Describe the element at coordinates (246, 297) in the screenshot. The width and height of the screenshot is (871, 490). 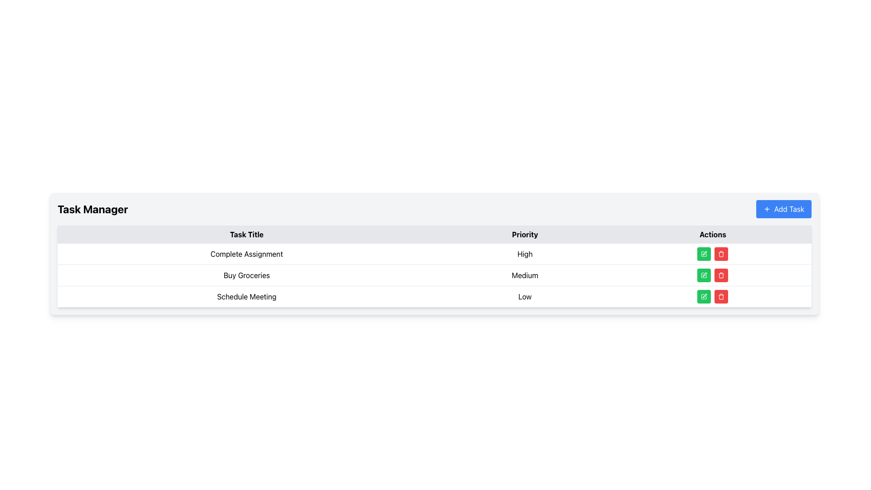
I see `the 'Schedule Meeting' text label located in the leftmost cell under the 'Task Title' column of the table row titled 'Schedule Meeting'` at that location.